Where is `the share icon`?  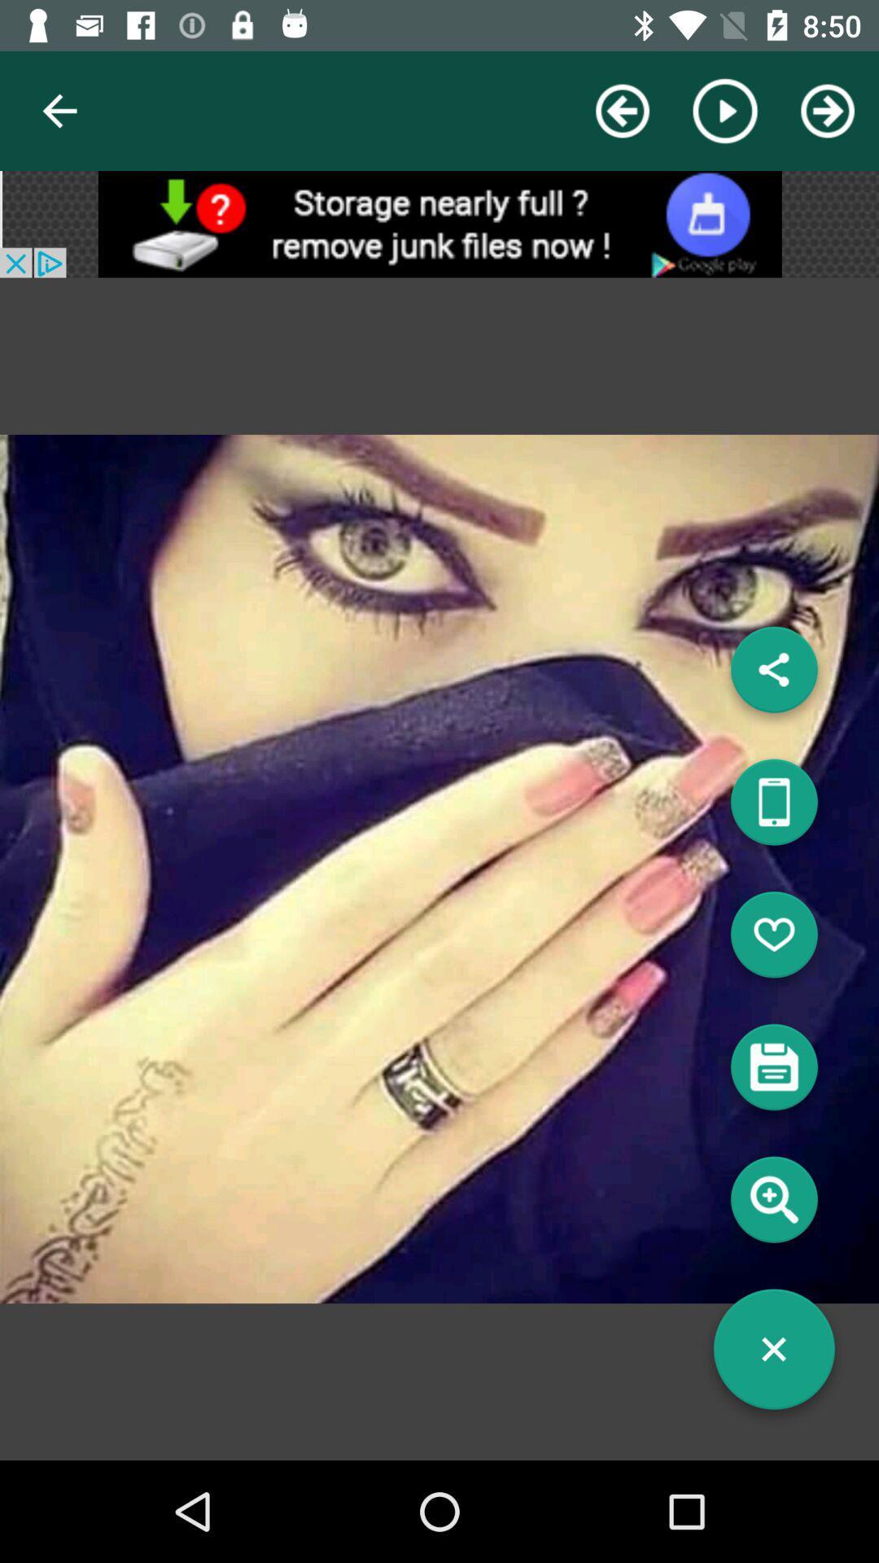
the share icon is located at coordinates (773, 676).